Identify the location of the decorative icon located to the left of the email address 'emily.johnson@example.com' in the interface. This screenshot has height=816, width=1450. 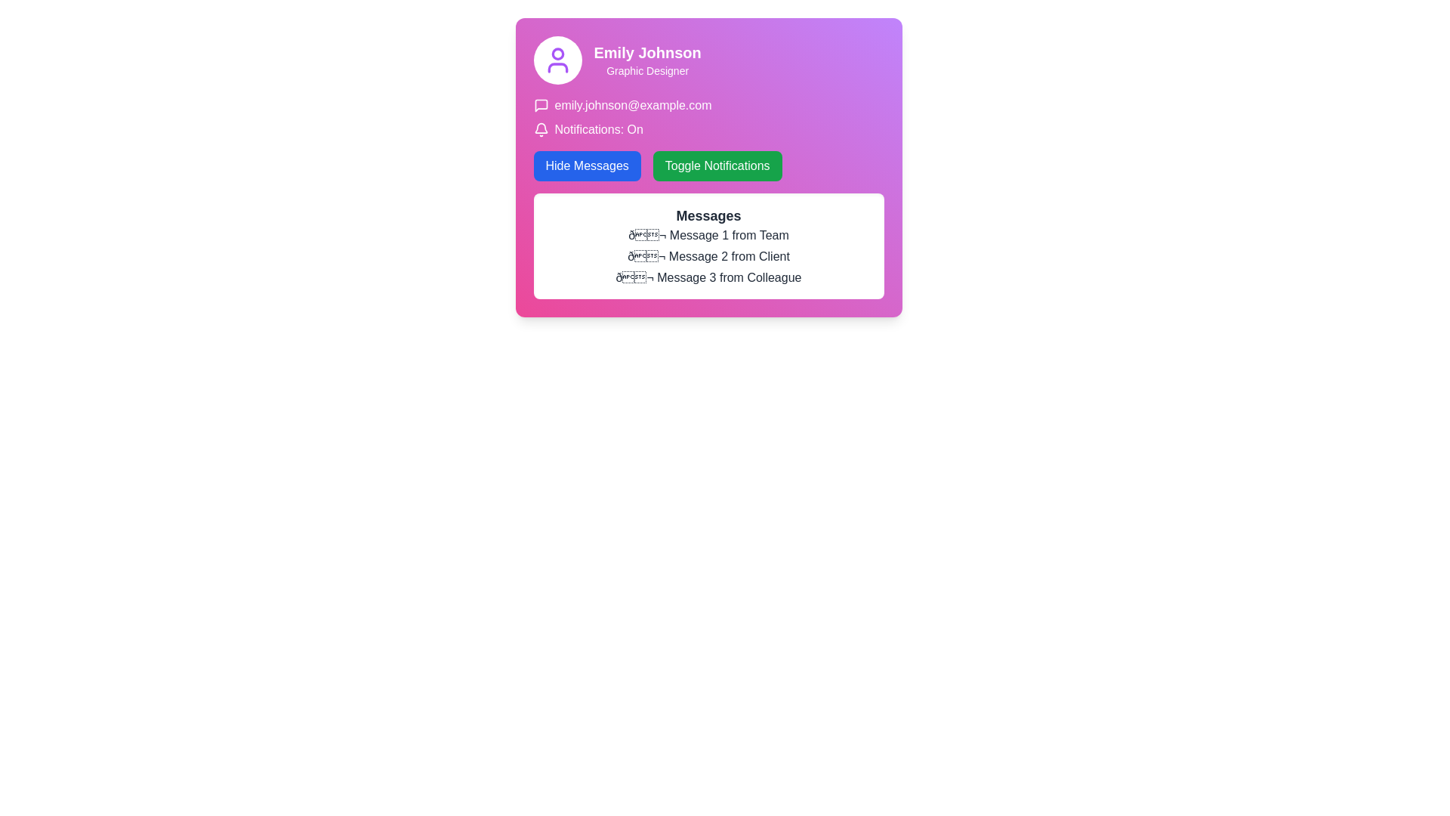
(541, 104).